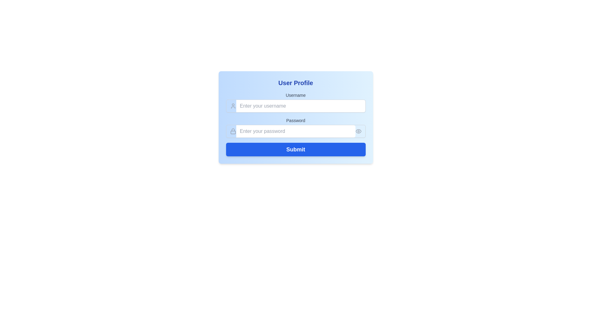  Describe the element at coordinates (231, 105) in the screenshot. I see `the user icon located to the left of the username input field in the User Profile form` at that location.